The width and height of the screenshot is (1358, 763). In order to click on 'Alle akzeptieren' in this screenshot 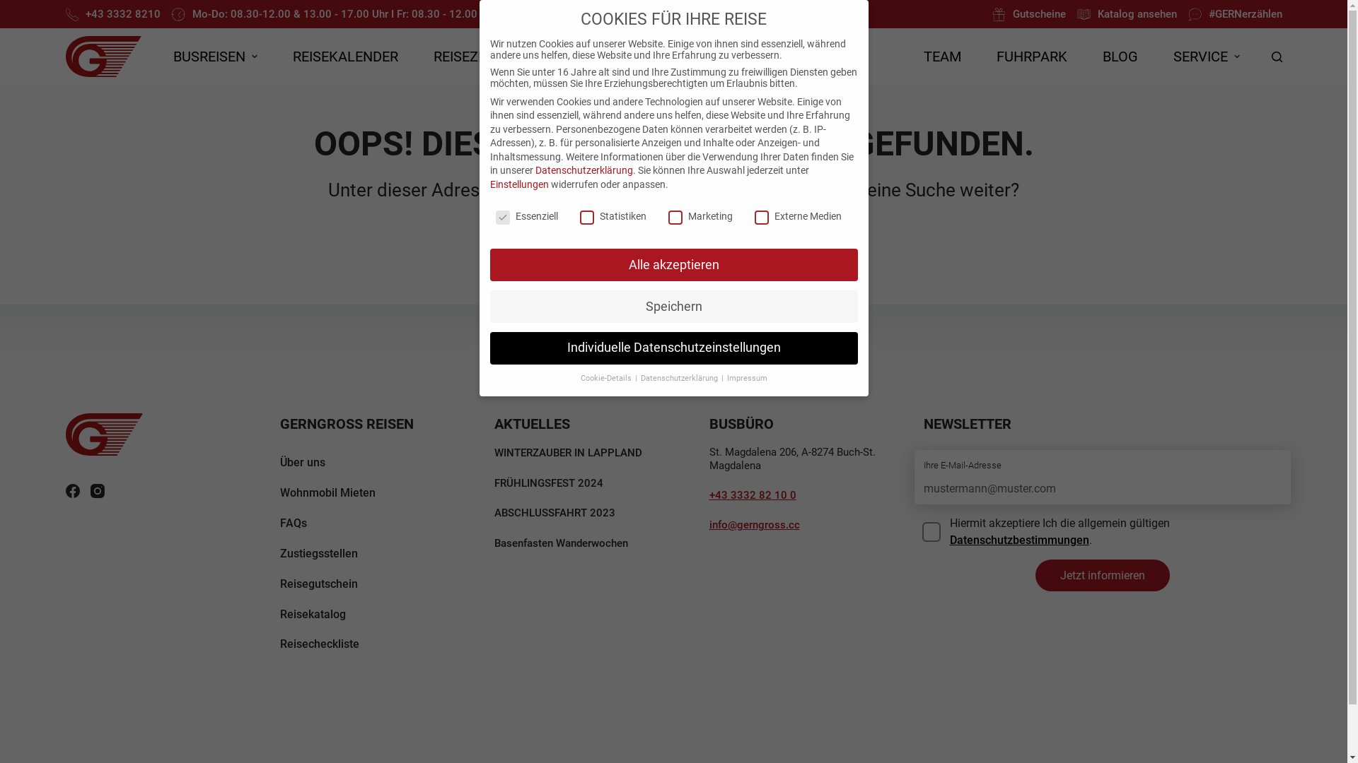, I will do `click(672, 264)`.